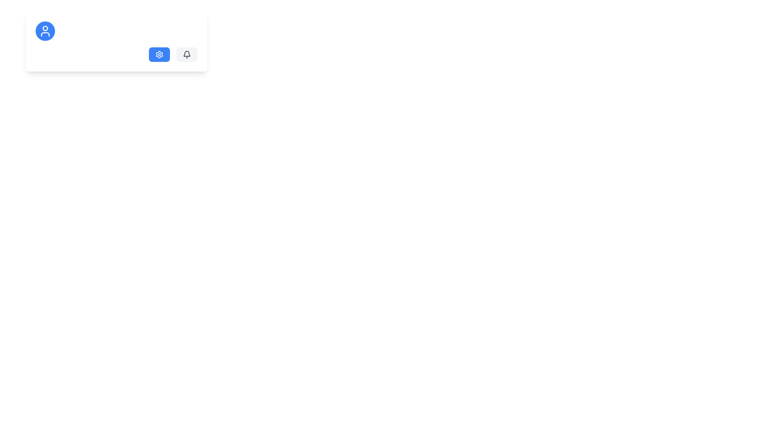  I want to click on the settings button located in the top-right section of the interface, adjacent to the notification bell icon, so click(159, 54).